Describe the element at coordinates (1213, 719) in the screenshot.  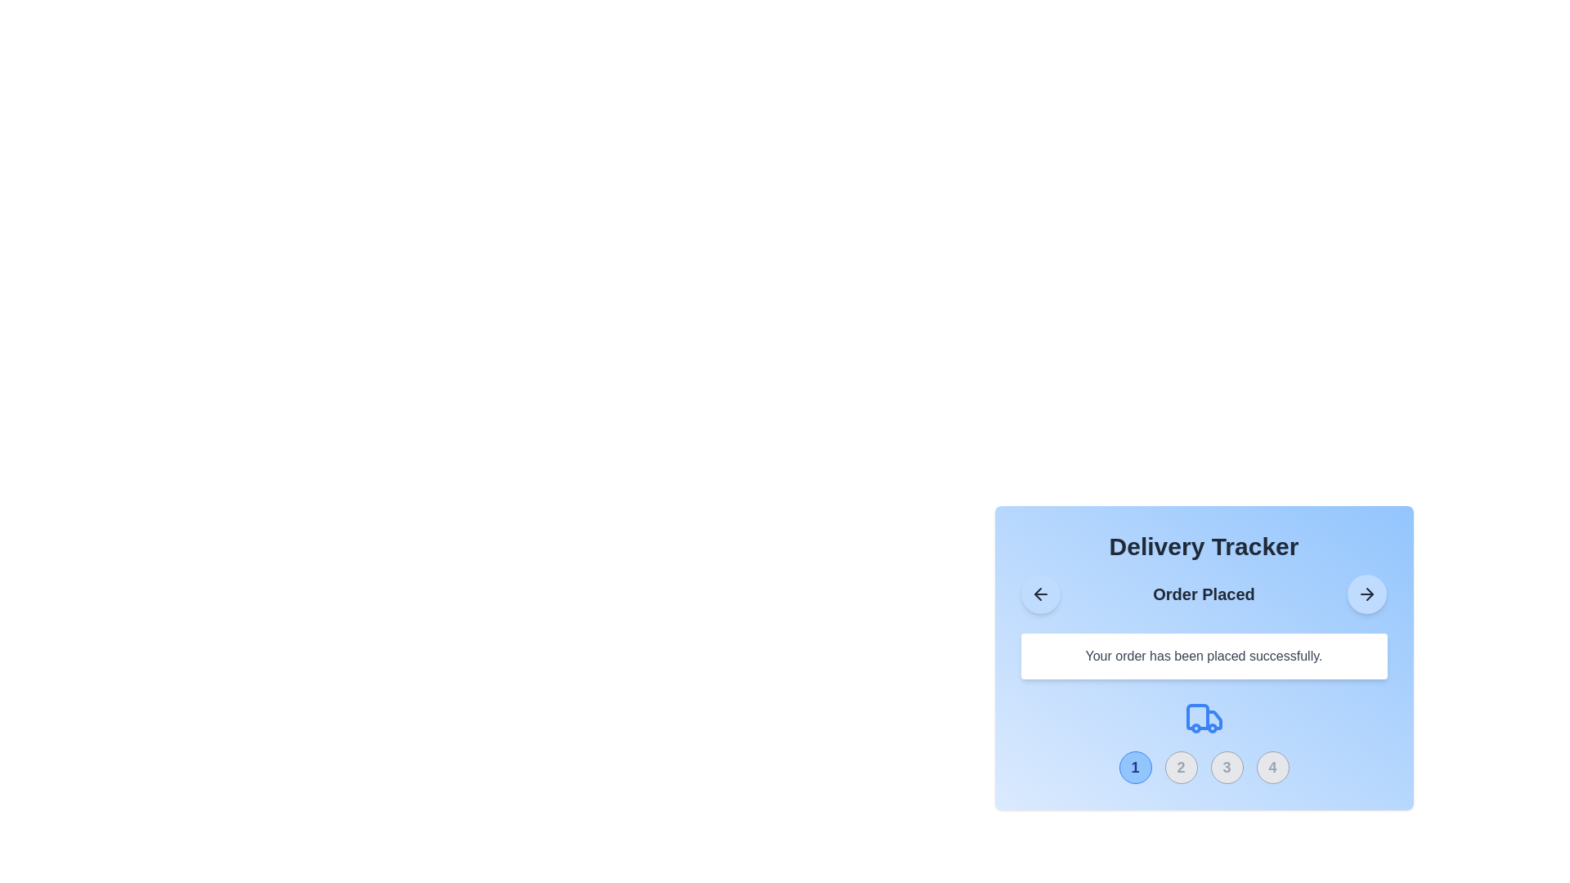
I see `the decorative vector graphic located in the middle of the truck icon, situated between the first and second step indicators of the delivery tracker` at that location.